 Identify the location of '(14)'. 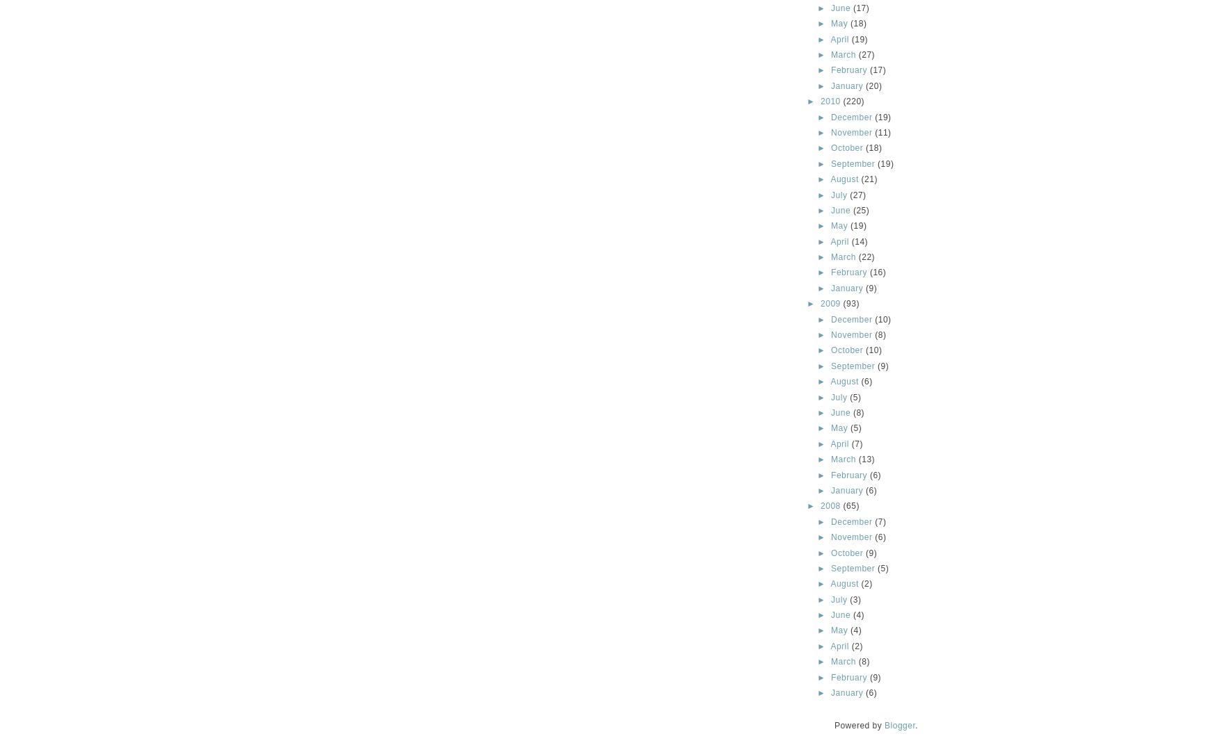
(860, 241).